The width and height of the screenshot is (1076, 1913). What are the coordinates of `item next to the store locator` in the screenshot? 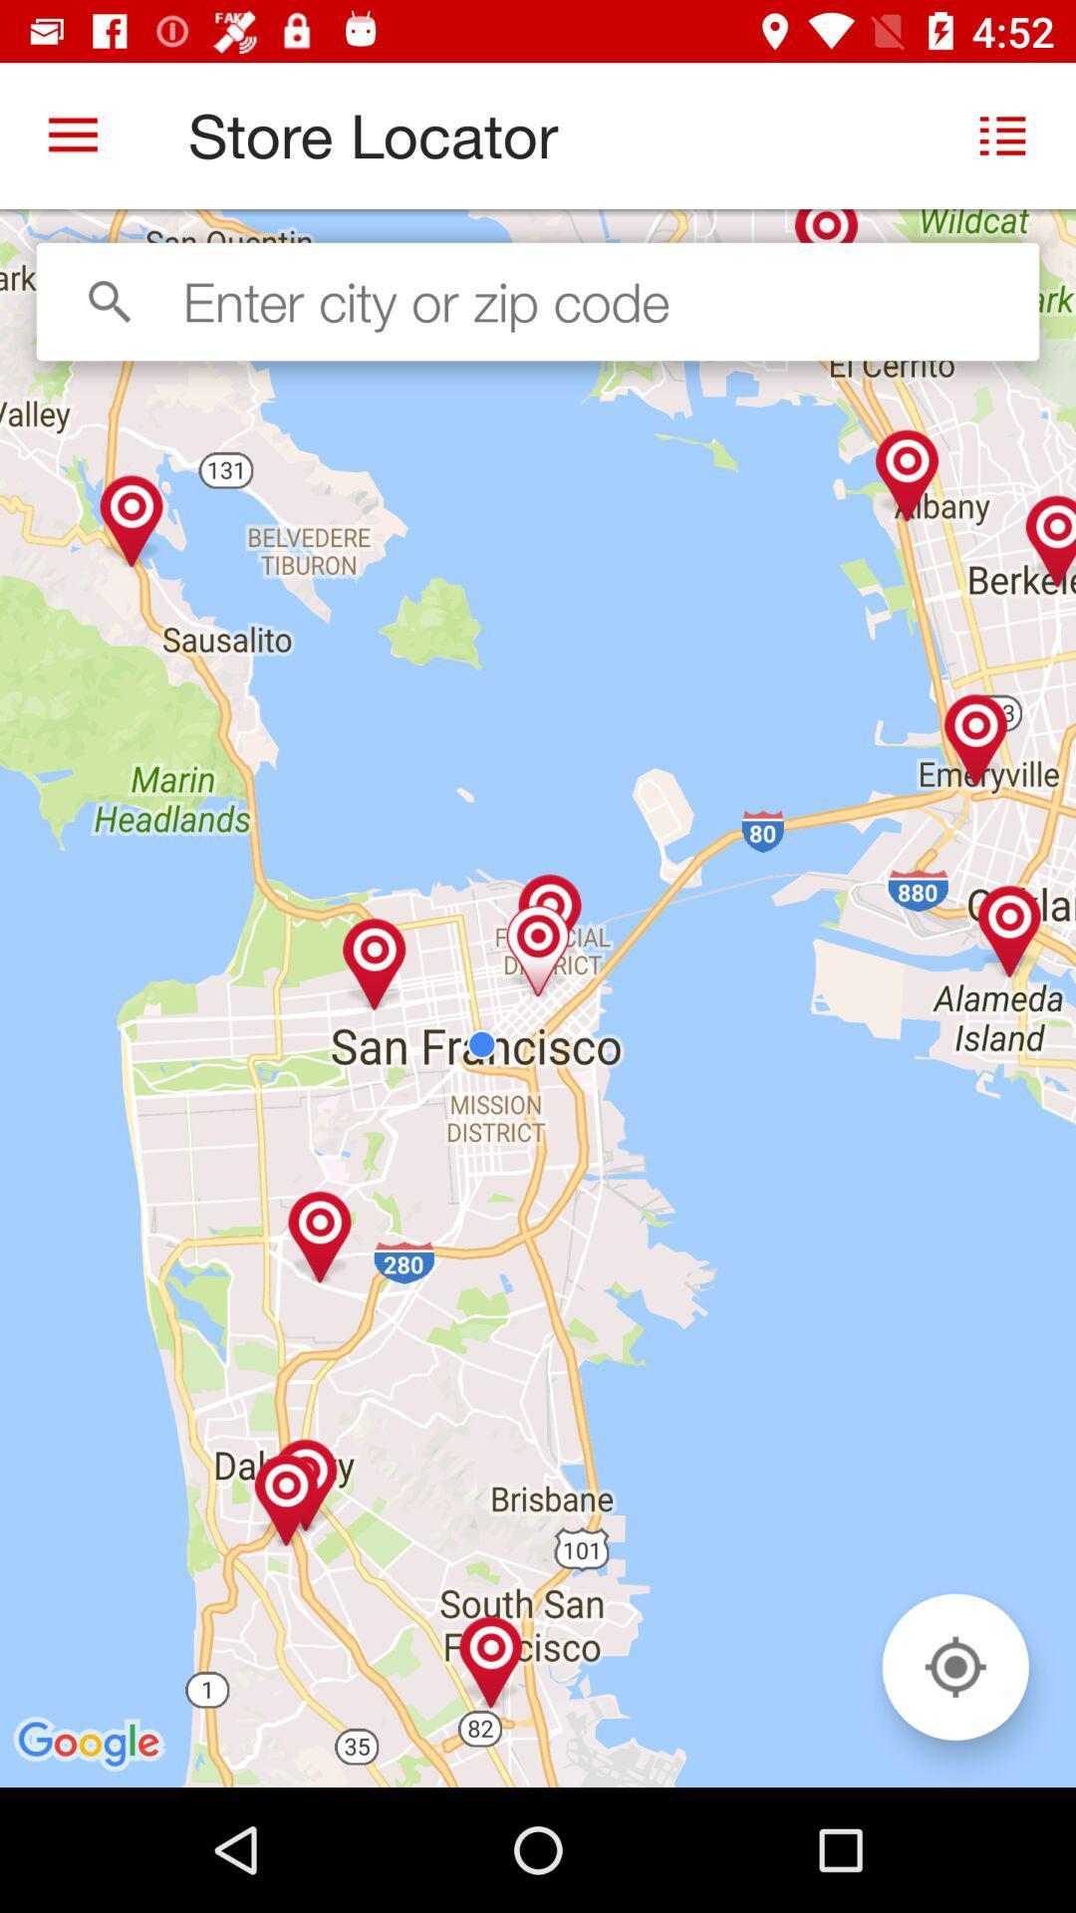 It's located at (72, 135).